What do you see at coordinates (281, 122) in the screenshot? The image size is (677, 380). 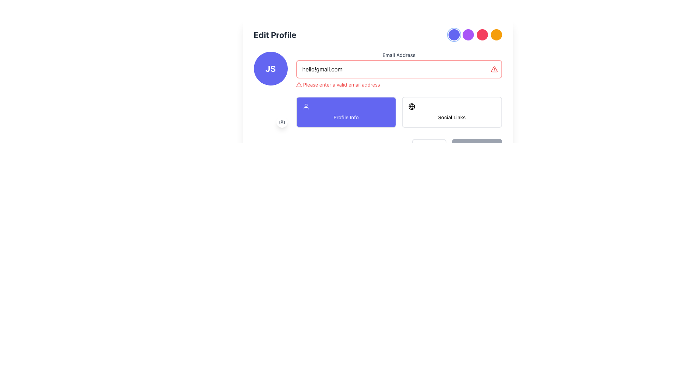 I see `the camera icon located at the bottom-right corner of the profile avatar` at bounding box center [281, 122].